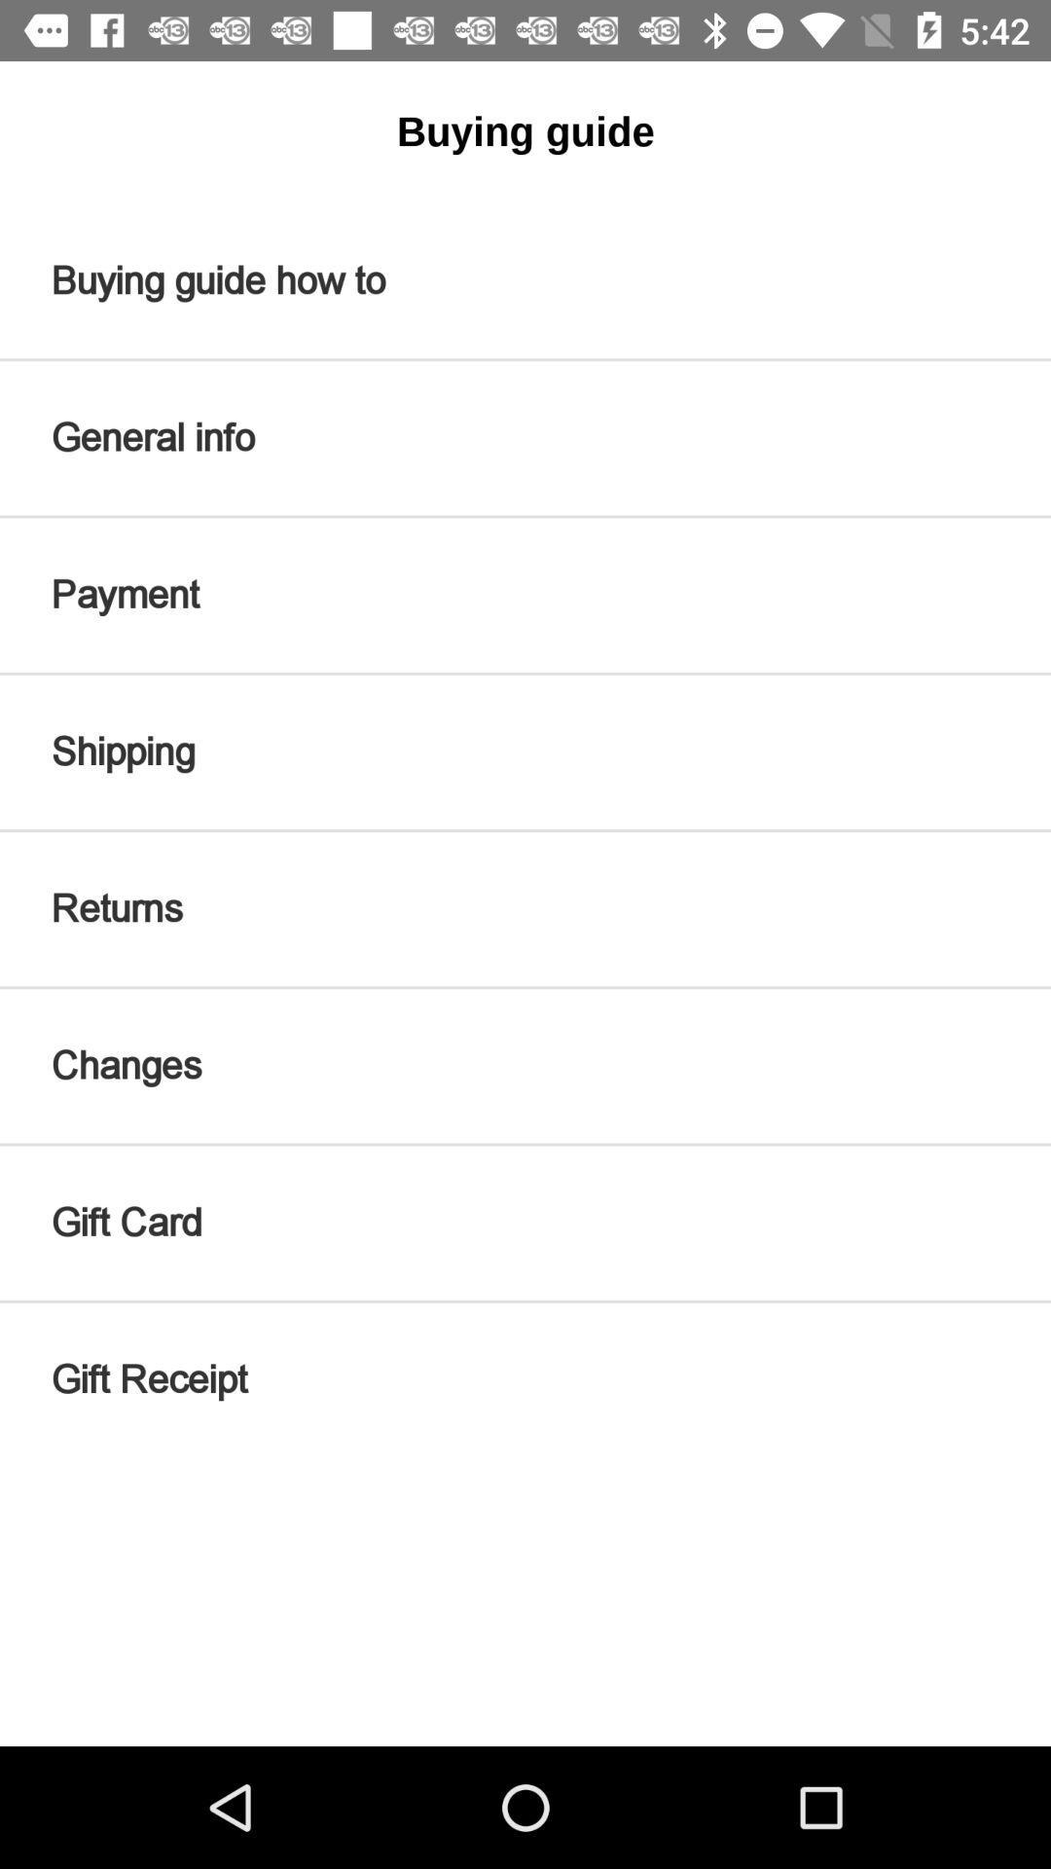  Describe the element at coordinates (525, 1222) in the screenshot. I see `icon below changes item` at that location.